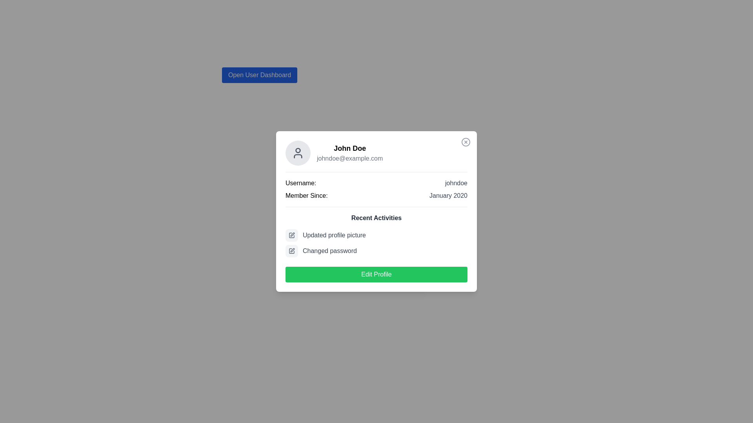 The width and height of the screenshot is (753, 423). I want to click on the decorative icon located to the left of the 'Updated profile picture' text line in the recent activities section of the user card, so click(291, 251).